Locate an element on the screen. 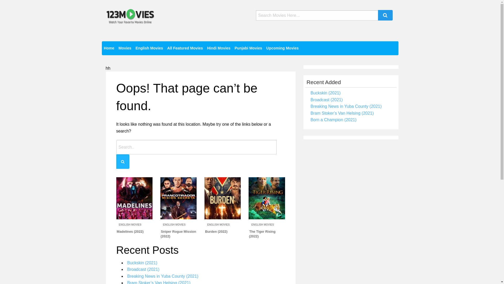  'ENGLISH MOVIES' is located at coordinates (262, 225).